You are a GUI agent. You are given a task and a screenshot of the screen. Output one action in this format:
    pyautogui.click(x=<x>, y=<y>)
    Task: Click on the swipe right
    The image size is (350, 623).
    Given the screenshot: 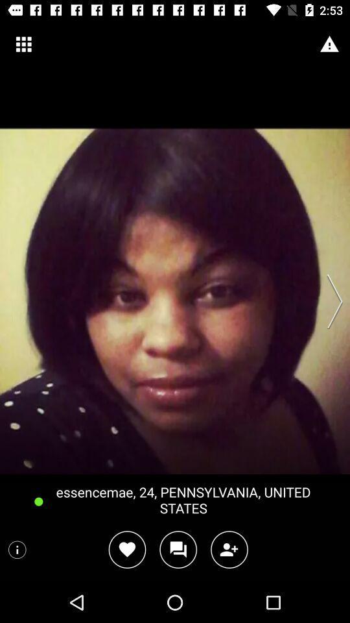 What is the action you would take?
    pyautogui.click(x=331, y=301)
    